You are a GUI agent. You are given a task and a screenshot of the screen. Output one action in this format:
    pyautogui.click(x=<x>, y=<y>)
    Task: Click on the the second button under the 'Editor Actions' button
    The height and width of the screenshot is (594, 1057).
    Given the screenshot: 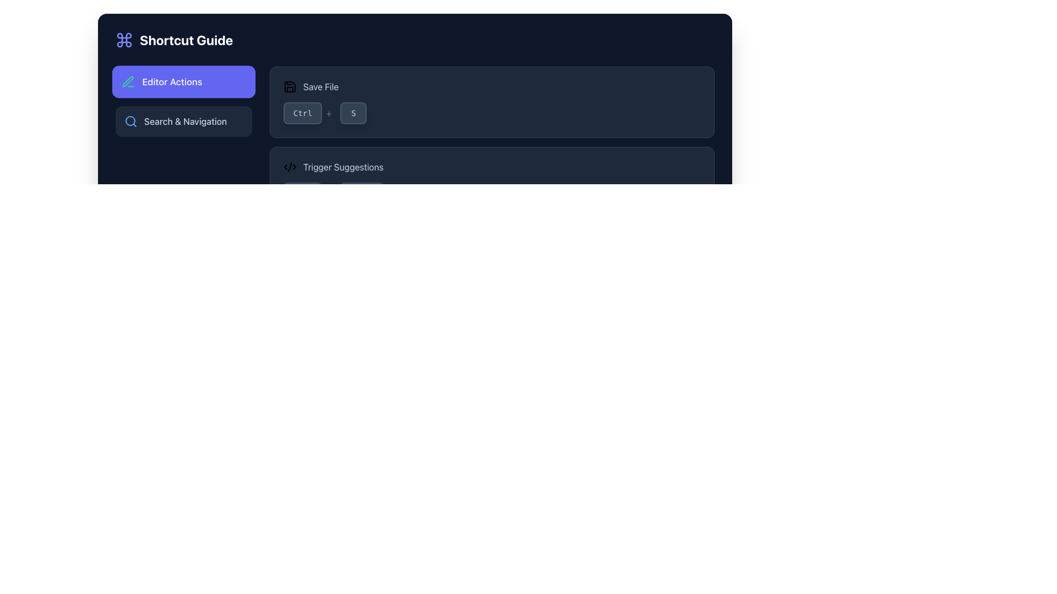 What is the action you would take?
    pyautogui.click(x=184, y=121)
    